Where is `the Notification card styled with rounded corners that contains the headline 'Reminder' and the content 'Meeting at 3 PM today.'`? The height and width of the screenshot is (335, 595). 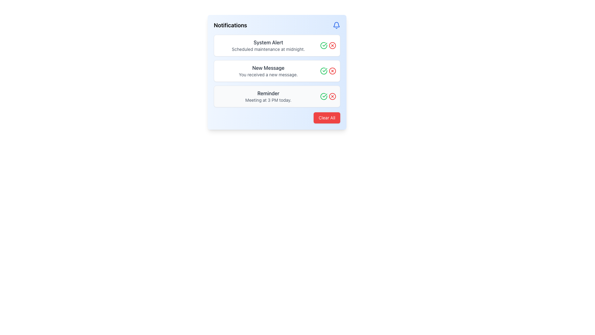
the Notification card styled with rounded corners that contains the headline 'Reminder' and the content 'Meeting at 3 PM today.' is located at coordinates (276, 96).